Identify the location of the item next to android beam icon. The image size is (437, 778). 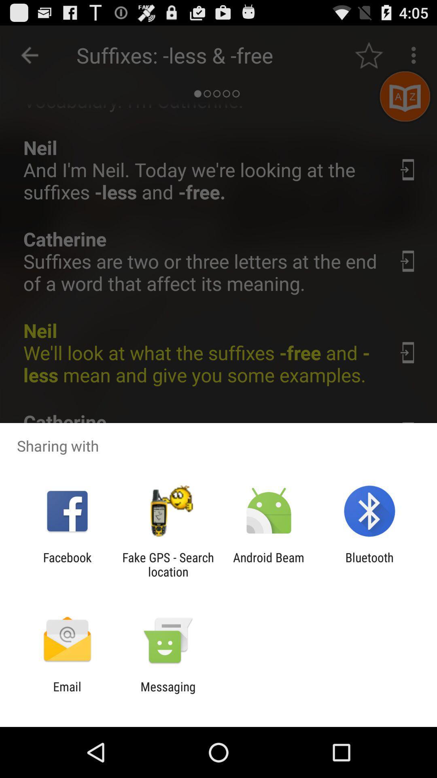
(168, 564).